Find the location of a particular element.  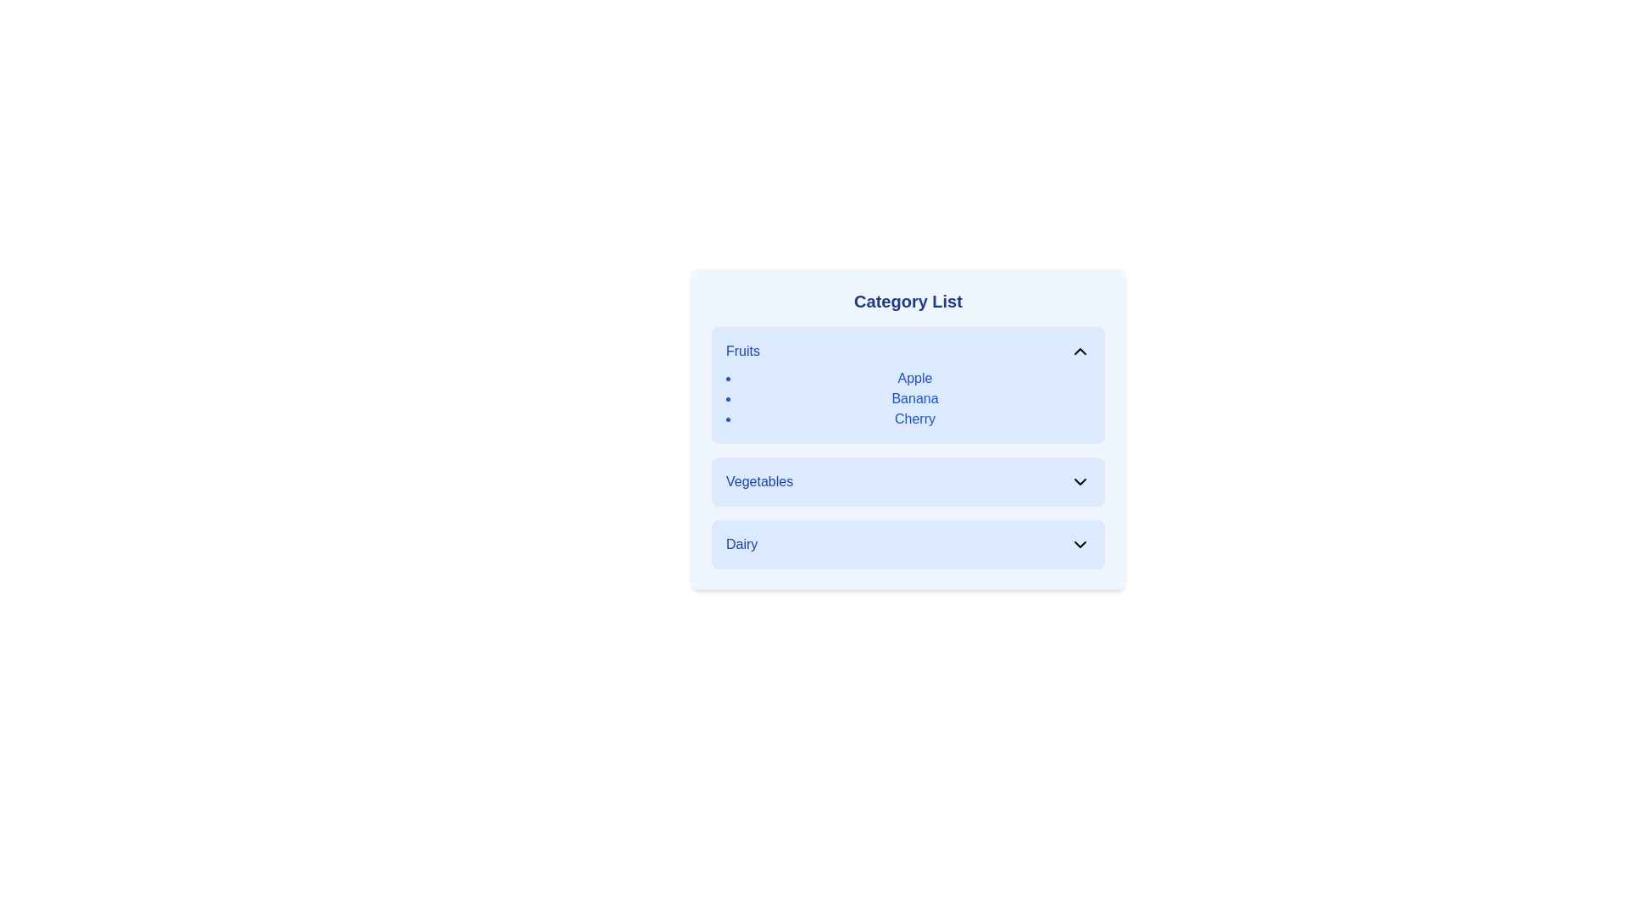

the 'Category List' expandable section is located at coordinates (907, 428).